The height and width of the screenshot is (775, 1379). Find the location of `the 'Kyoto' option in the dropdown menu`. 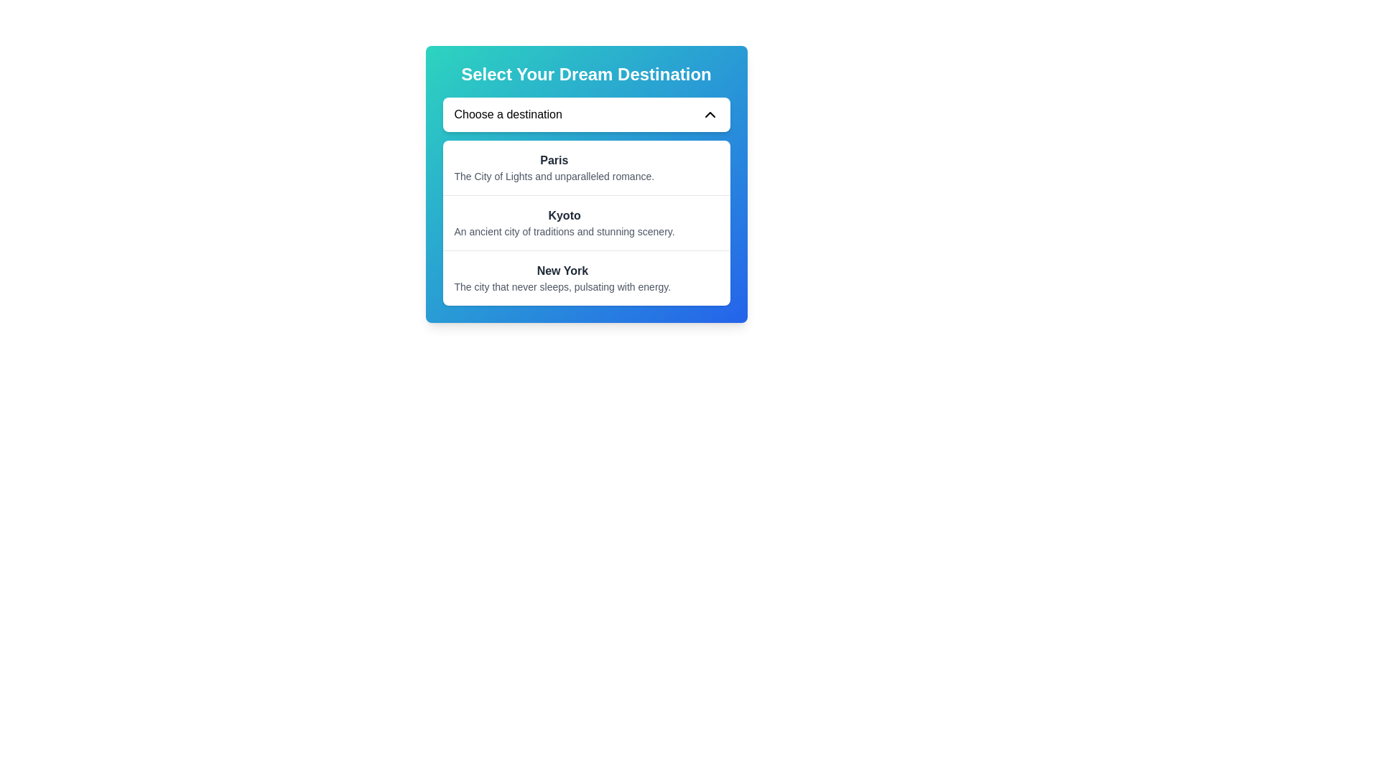

the 'Kyoto' option in the dropdown menu is located at coordinates (564, 223).